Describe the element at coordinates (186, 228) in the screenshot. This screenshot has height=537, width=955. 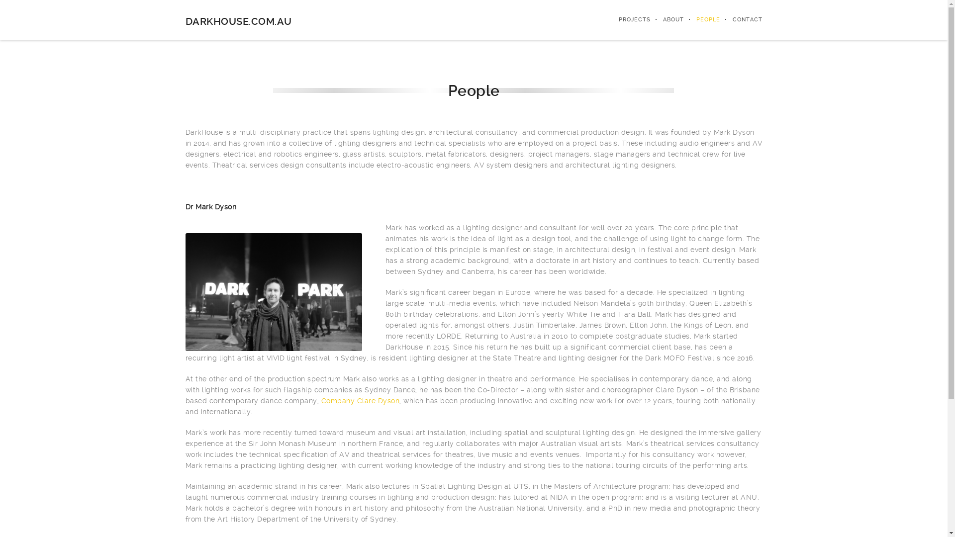
I see `' '` at that location.